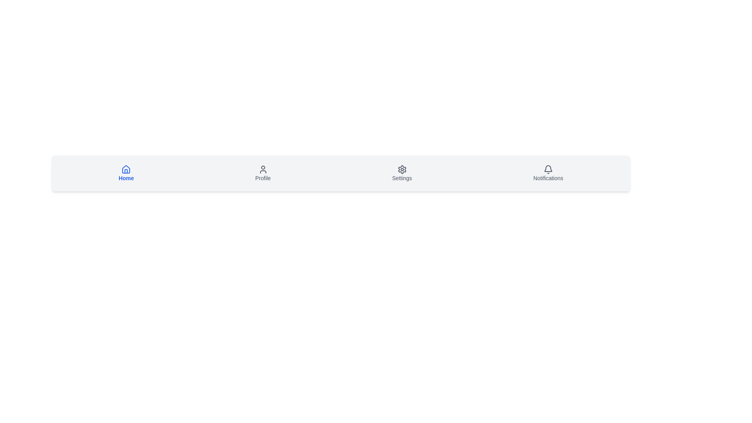 The height and width of the screenshot is (423, 752). Describe the element at coordinates (126, 169) in the screenshot. I see `the Home icon located at the top-left corner of the navigation bar` at that location.